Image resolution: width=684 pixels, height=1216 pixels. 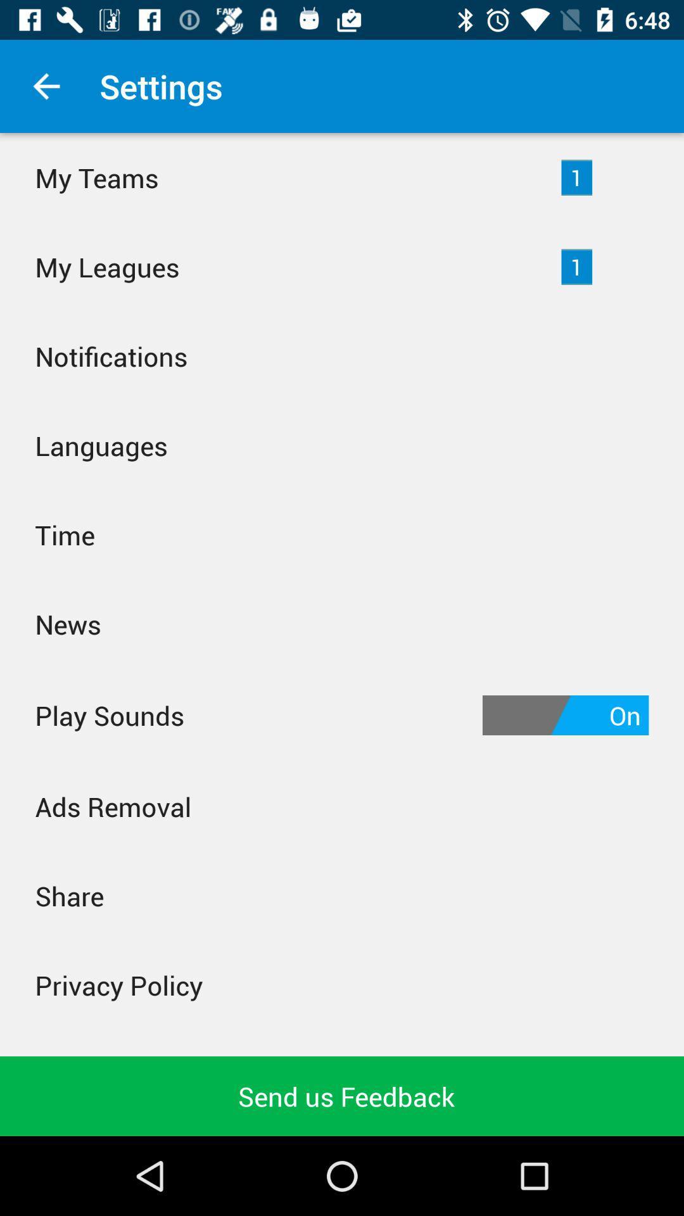 I want to click on the item next to the settings item, so click(x=46, y=85).